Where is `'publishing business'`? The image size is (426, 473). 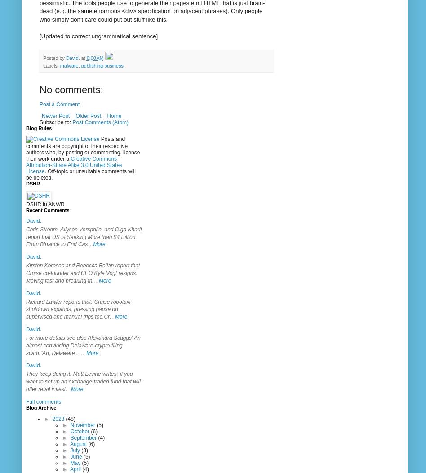 'publishing business' is located at coordinates (102, 65).